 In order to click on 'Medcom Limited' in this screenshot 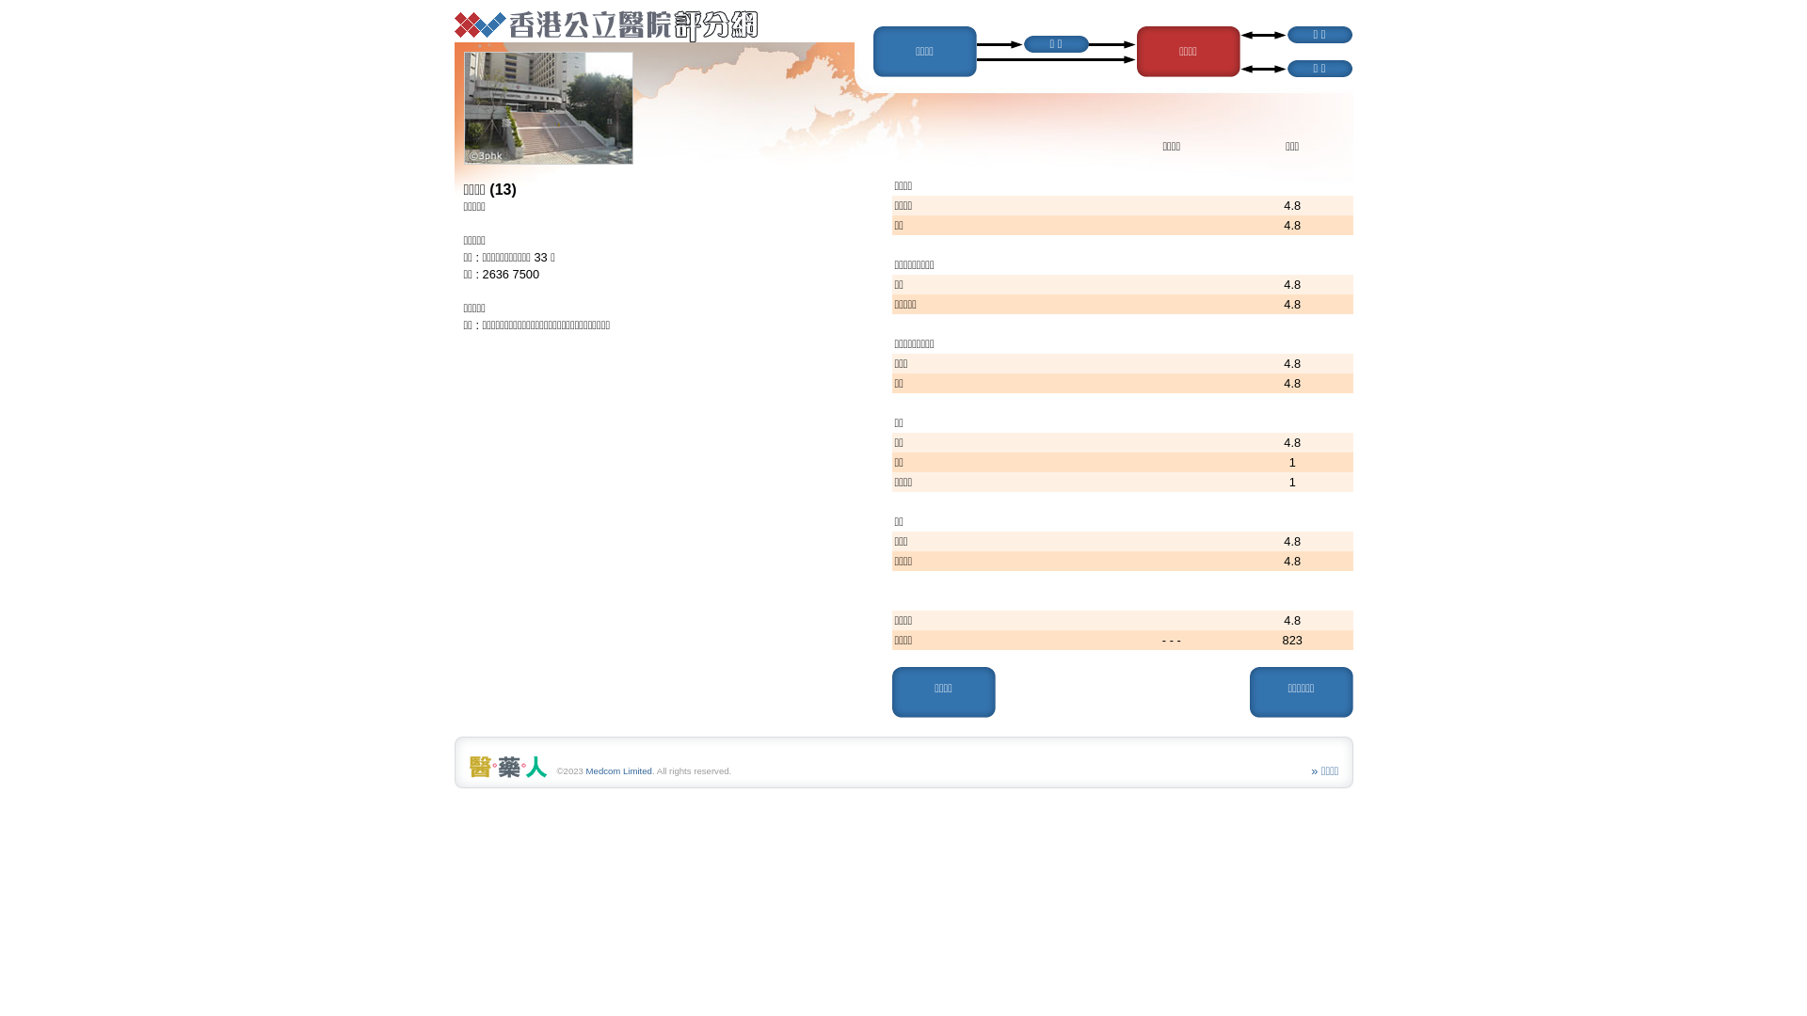, I will do `click(618, 770)`.